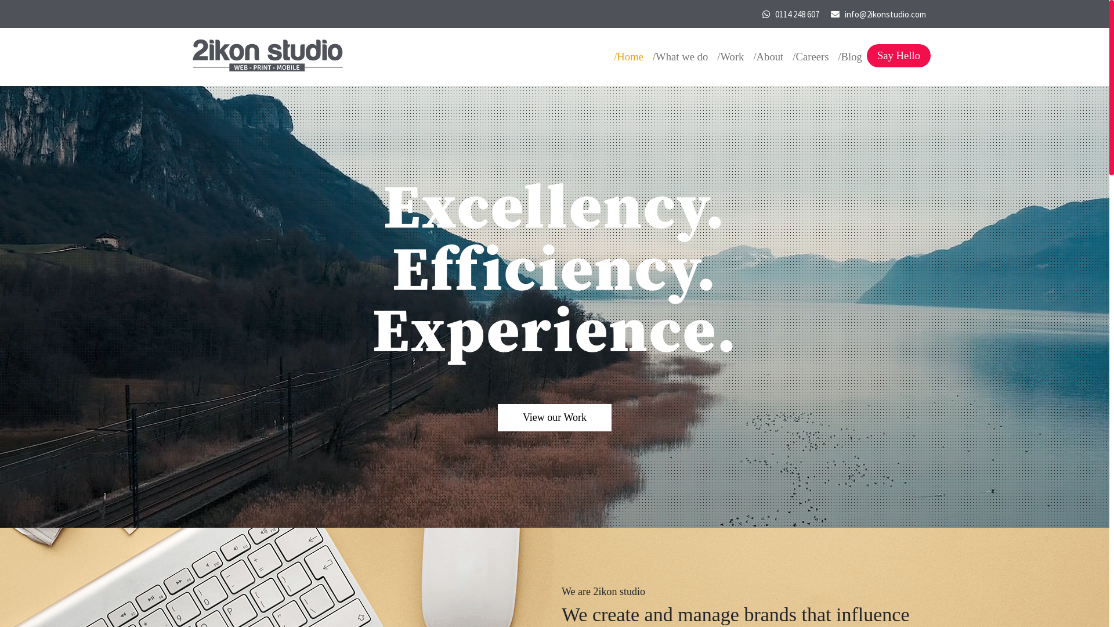 The image size is (1114, 627). I want to click on 'info@2ikonstudio.com', so click(843, 14).